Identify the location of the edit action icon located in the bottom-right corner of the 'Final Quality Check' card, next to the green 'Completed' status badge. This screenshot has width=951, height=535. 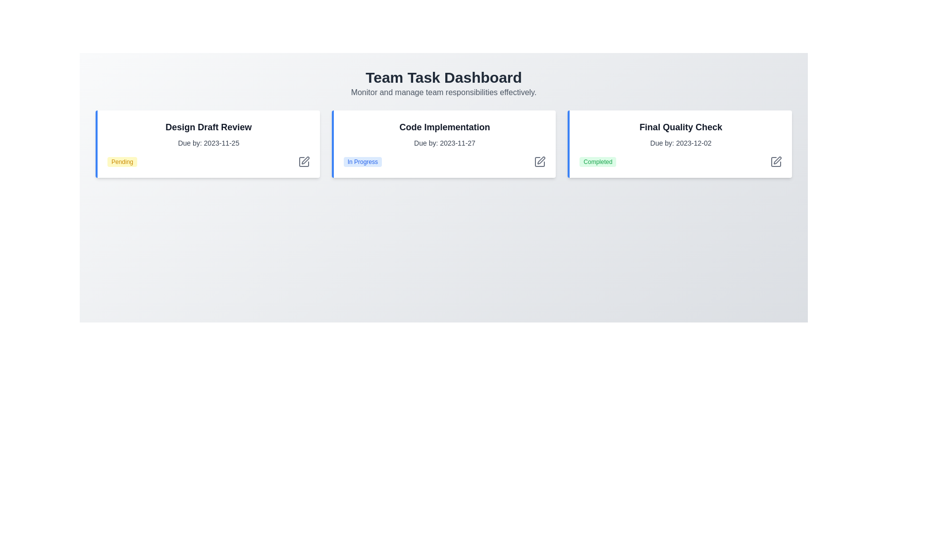
(777, 160).